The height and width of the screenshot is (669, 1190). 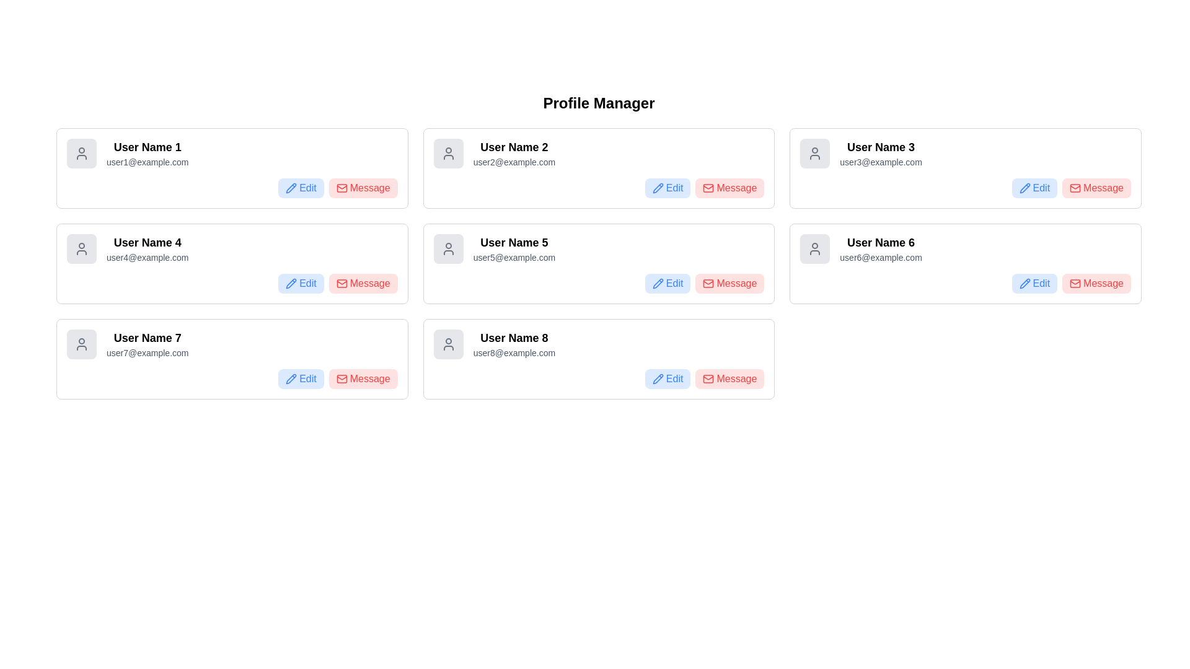 I want to click on the pencil SVG icon inside the 'Edit' button for 'User Name 5', so click(x=657, y=284).